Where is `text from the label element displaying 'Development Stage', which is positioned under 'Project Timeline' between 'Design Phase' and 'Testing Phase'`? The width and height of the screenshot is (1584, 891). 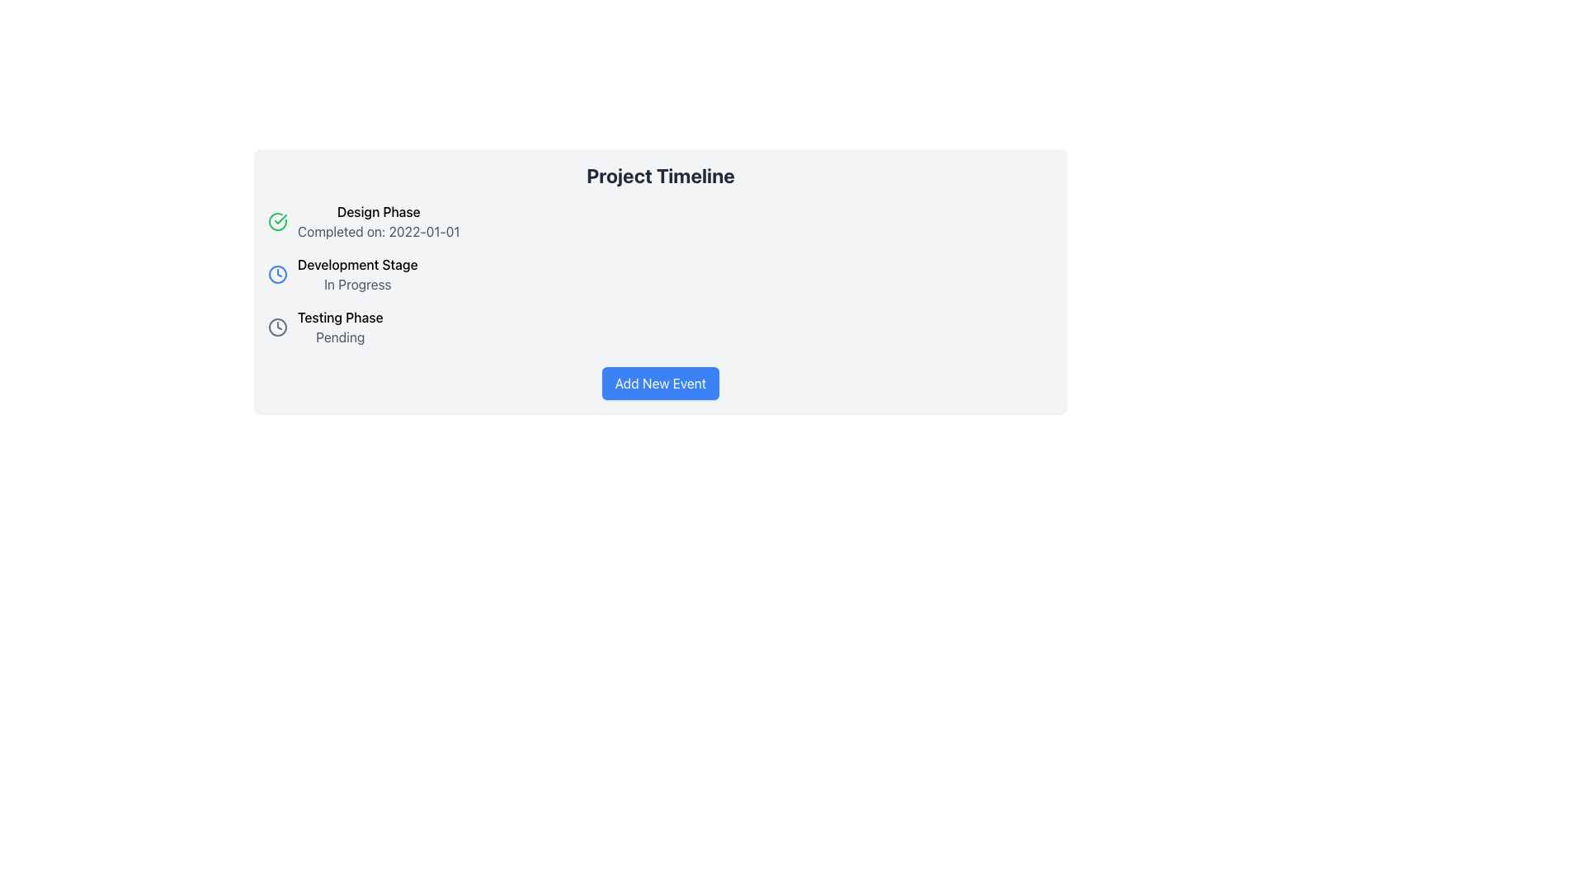 text from the label element displaying 'Development Stage', which is positioned under 'Project Timeline' between 'Design Phase' and 'Testing Phase' is located at coordinates (356, 263).